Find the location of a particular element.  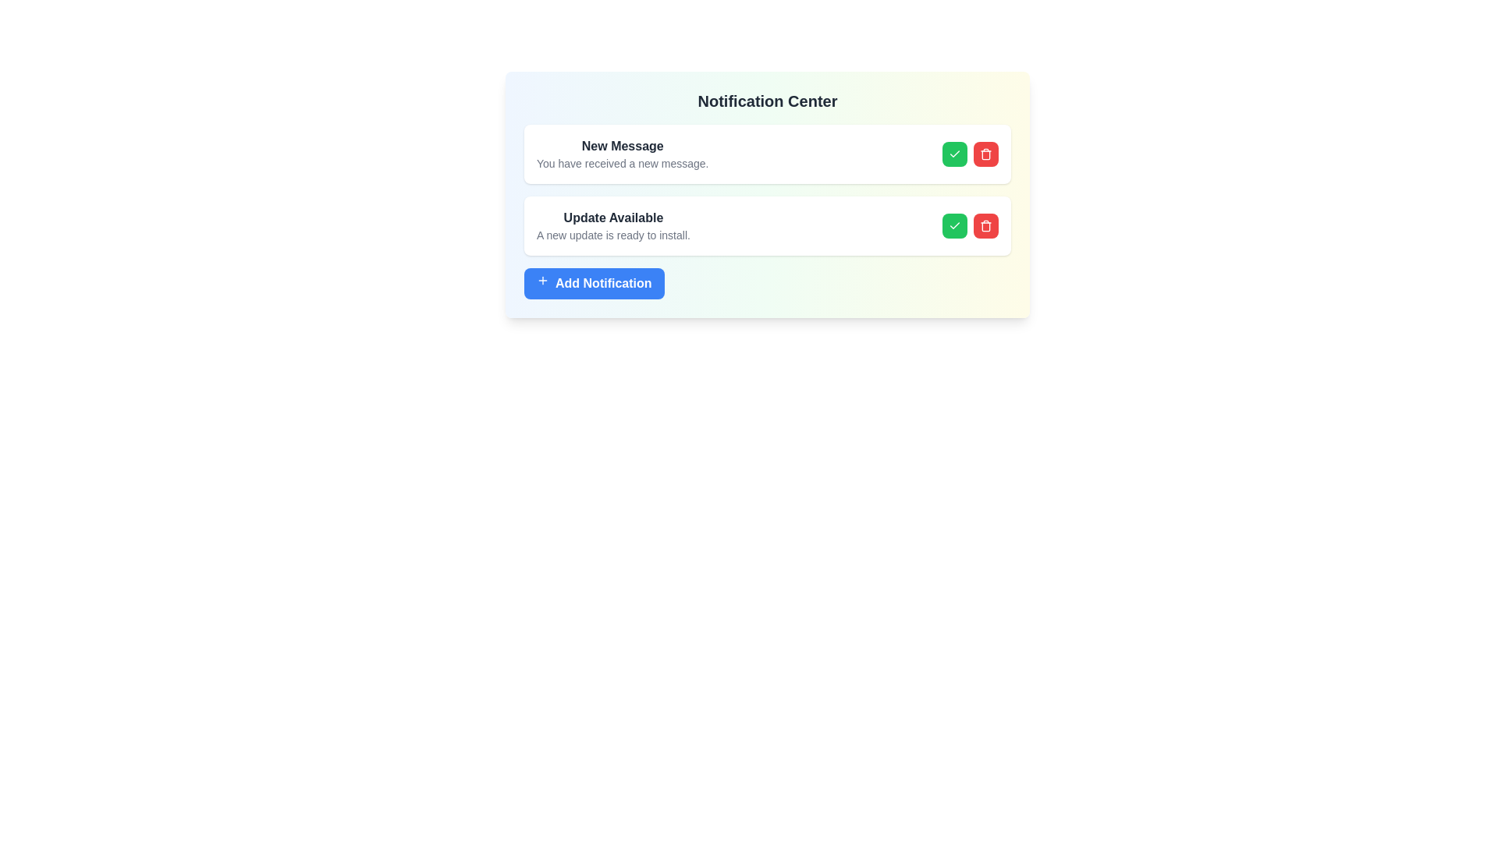

the green checkmark icon button, which has a white checkmark symbol and is located to the right of the 'New Message' notification text in the 'Notification Center' interface, to acknowledge or confirm the notification is located at coordinates (954, 154).